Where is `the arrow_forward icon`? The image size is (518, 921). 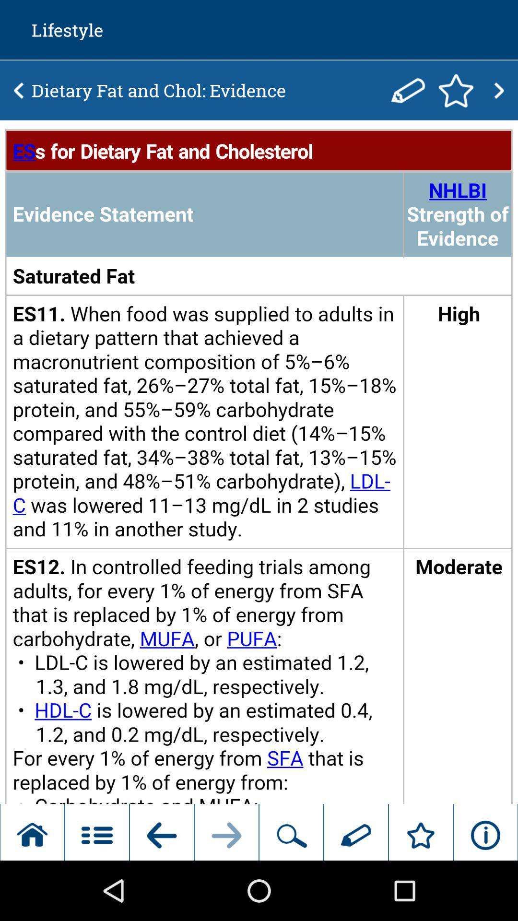
the arrow_forward icon is located at coordinates (498, 97).